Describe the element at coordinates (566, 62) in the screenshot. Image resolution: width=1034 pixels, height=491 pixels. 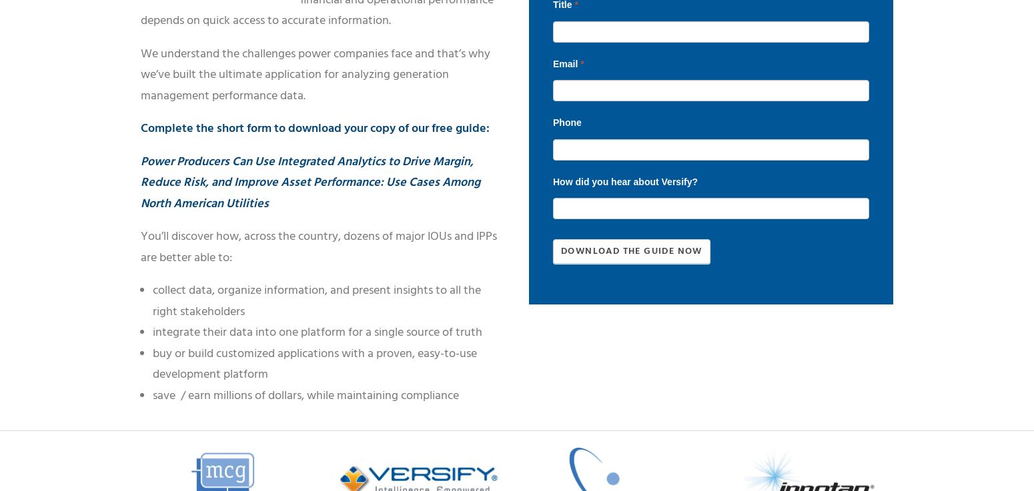
I see `'Email'` at that location.